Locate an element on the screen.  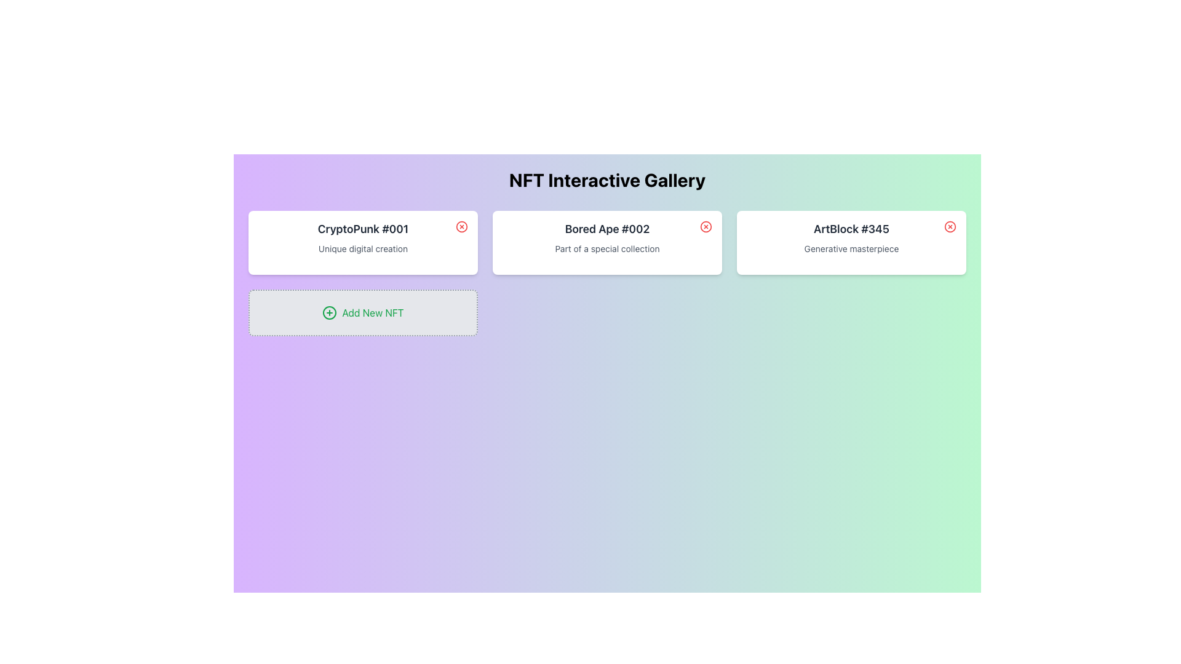
text label displaying 'Unique digital creation' which is styled in light gray color and located below the header 'CryptoPunk #001' is located at coordinates (362, 249).